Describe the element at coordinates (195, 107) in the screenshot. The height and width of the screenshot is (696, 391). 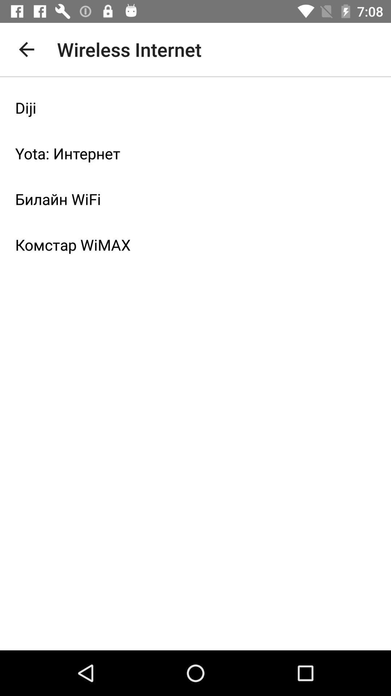
I see `diji icon` at that location.